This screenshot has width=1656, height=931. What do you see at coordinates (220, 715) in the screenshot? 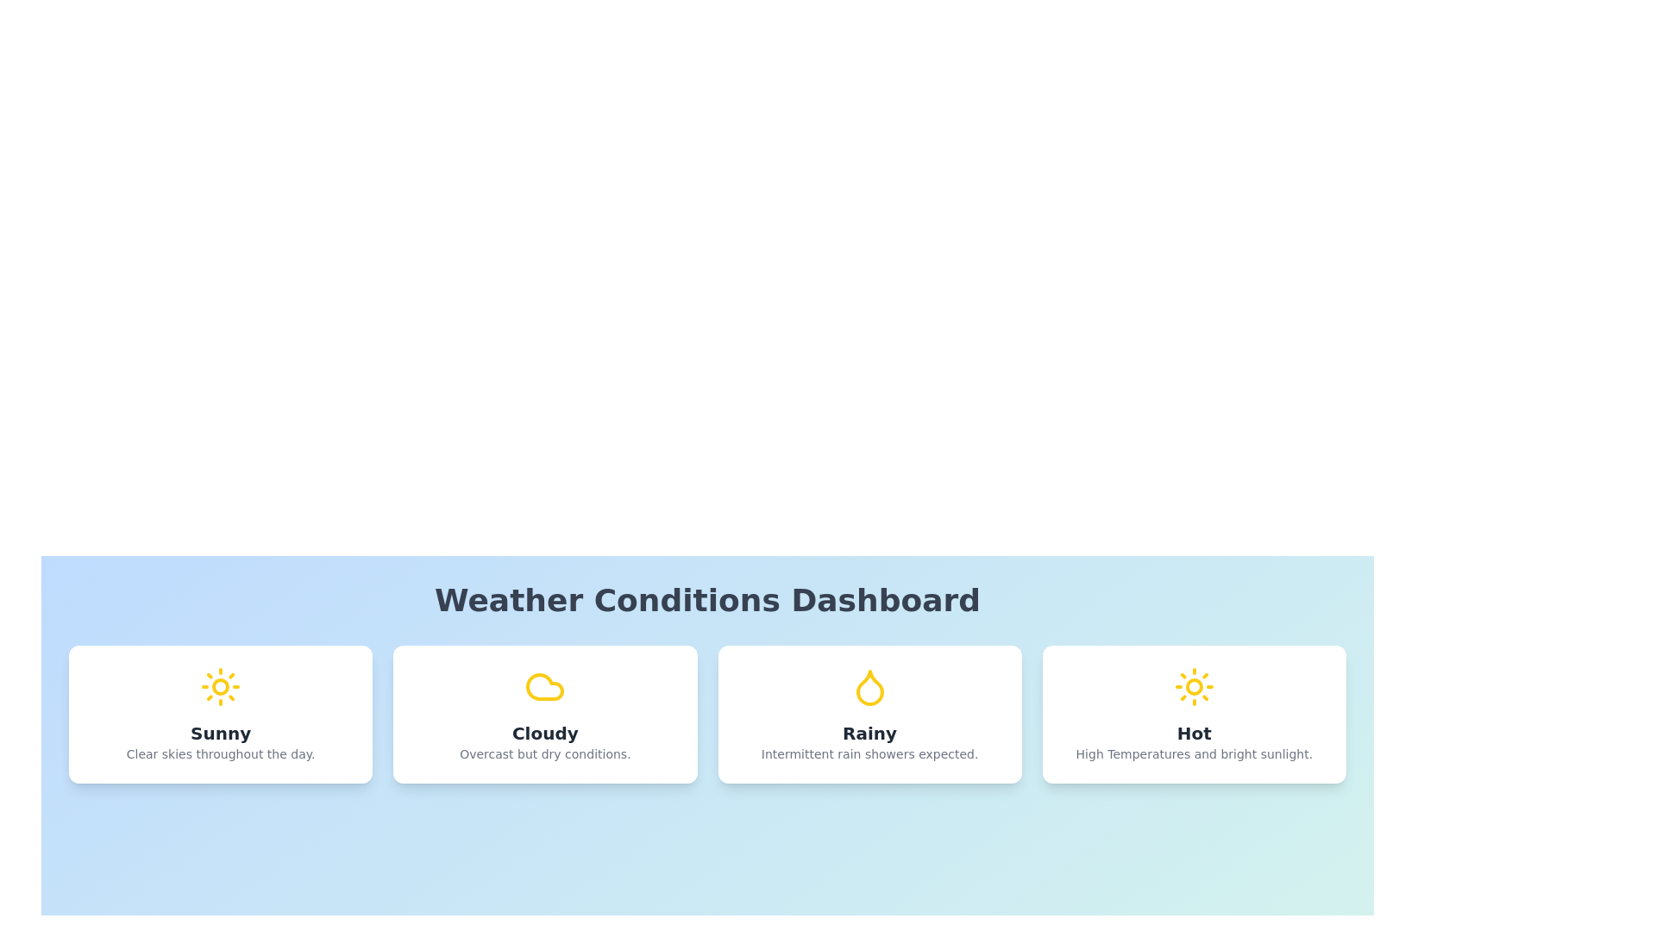
I see `weather conditions displayed on the informational card that indicates sunny weather with clear skies, located at the top left corner of the grid layout` at bounding box center [220, 715].